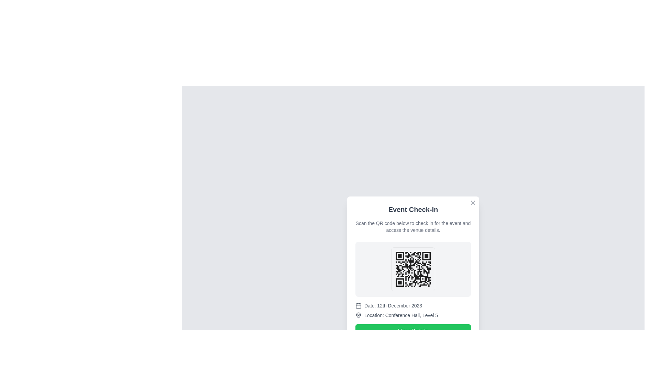  I want to click on date information displayed by the text label that shows the event's scheduled date, positioned to the right of the calendar icon, so click(393, 305).